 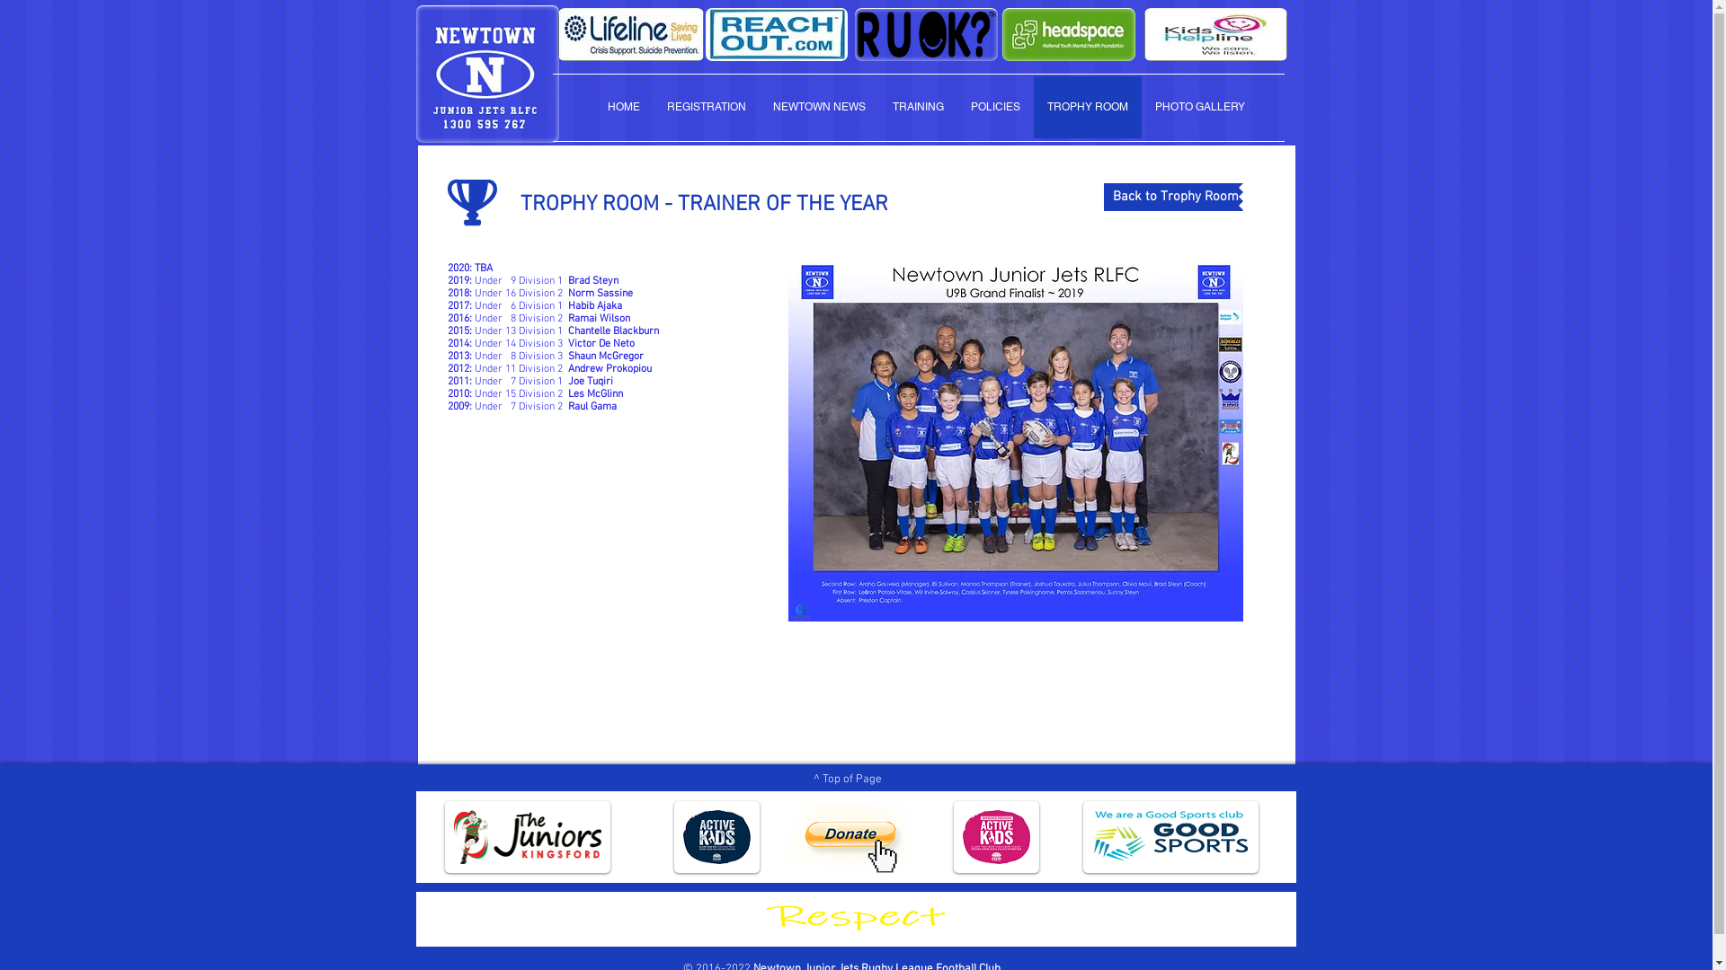 I want to click on 'TROPHY ROOM', so click(x=1034, y=107).